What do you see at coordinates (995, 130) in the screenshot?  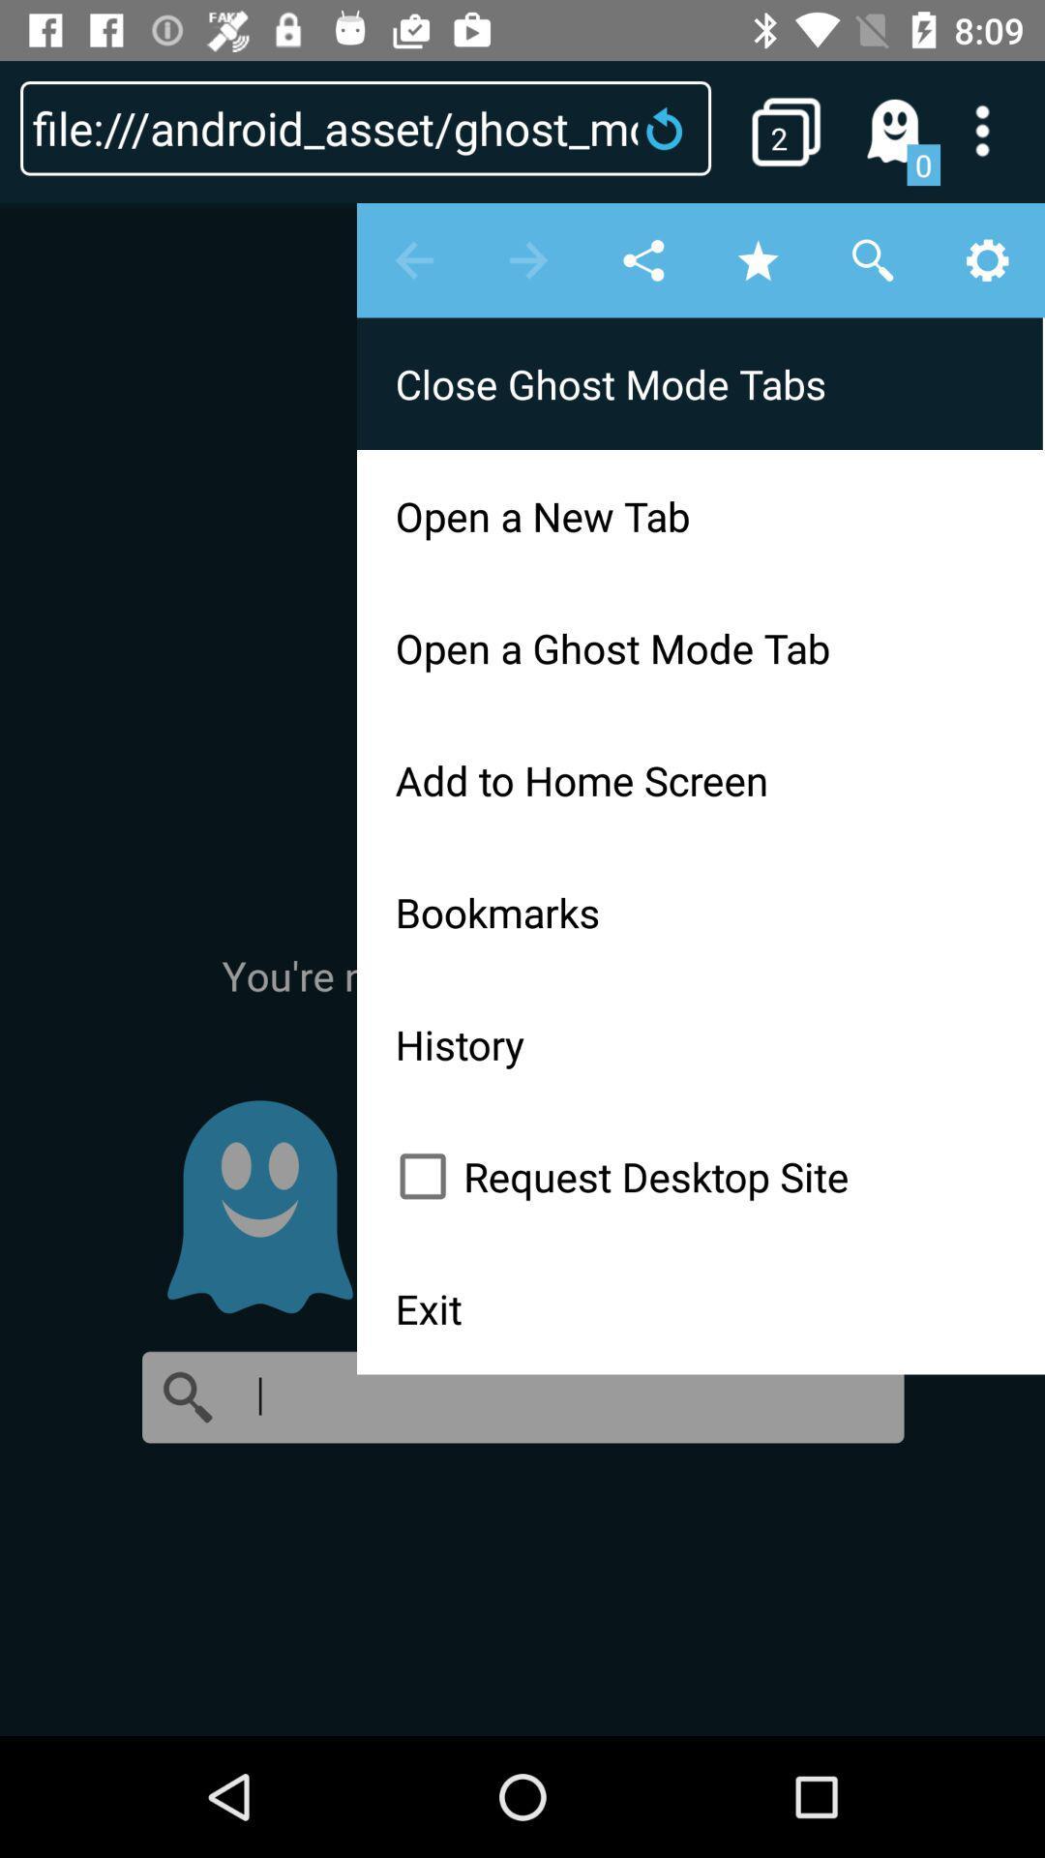 I see `more options` at bounding box center [995, 130].